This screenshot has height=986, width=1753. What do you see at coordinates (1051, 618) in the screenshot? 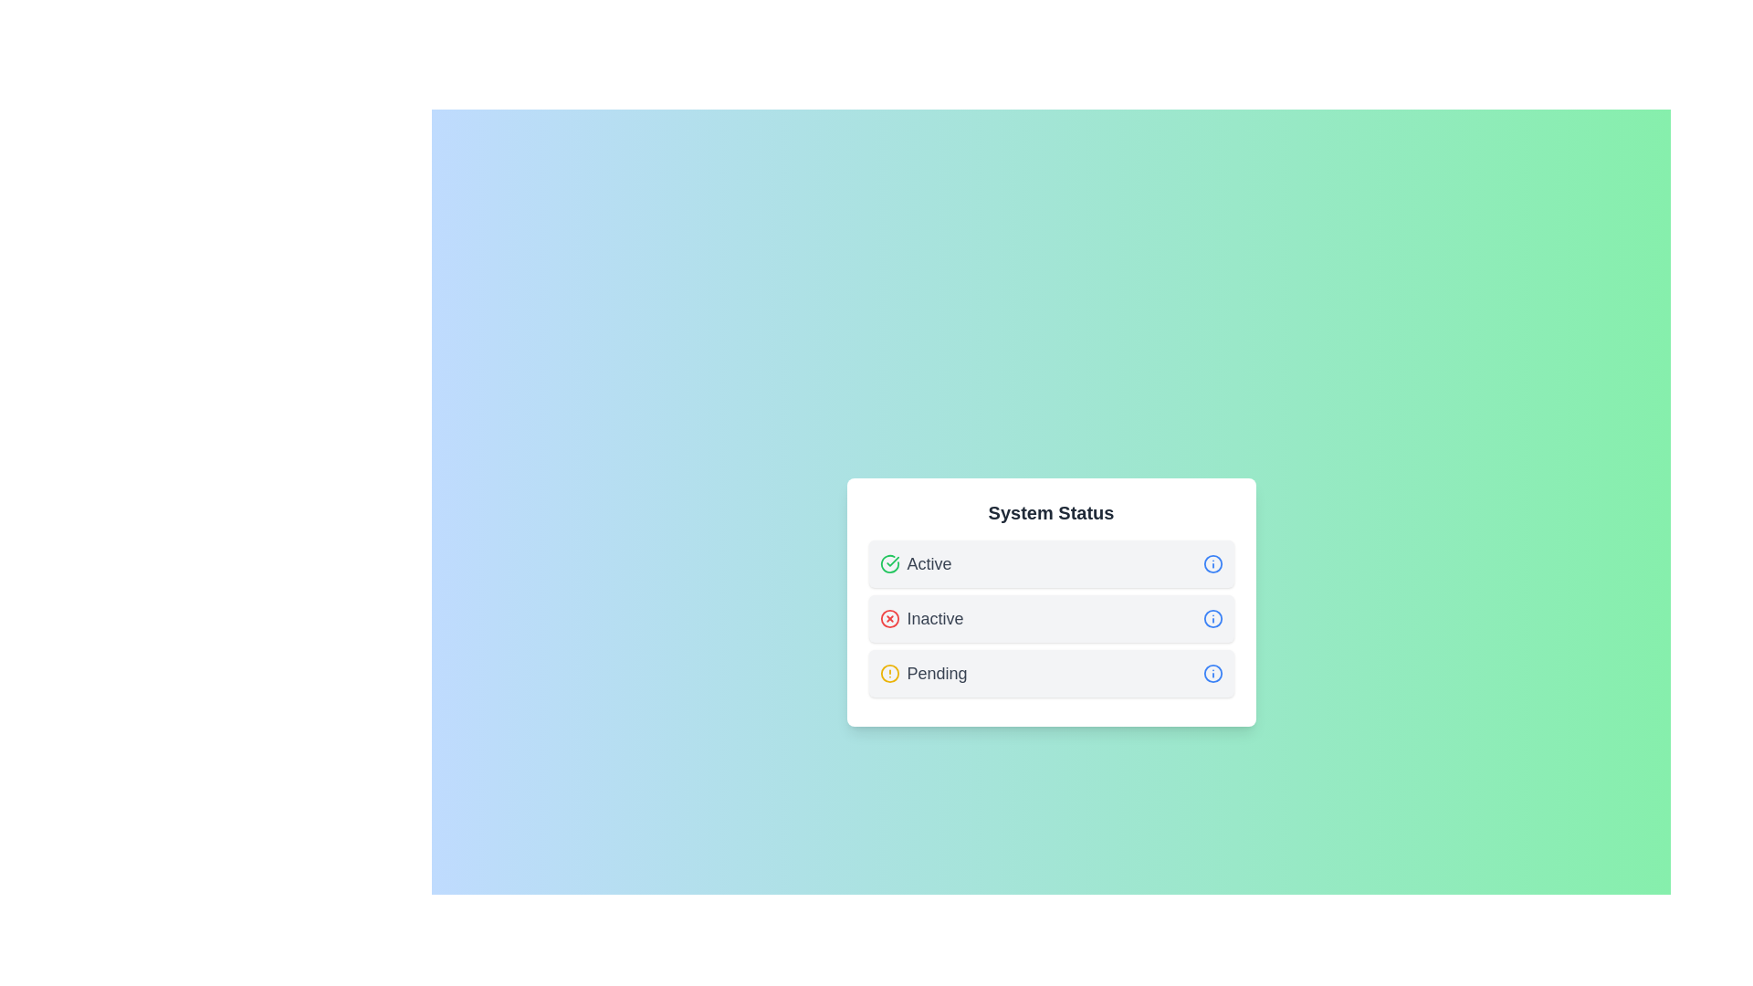
I see `the 'Inactive' status display element, which is the second row in a vertically stacked group of three status rows` at bounding box center [1051, 618].